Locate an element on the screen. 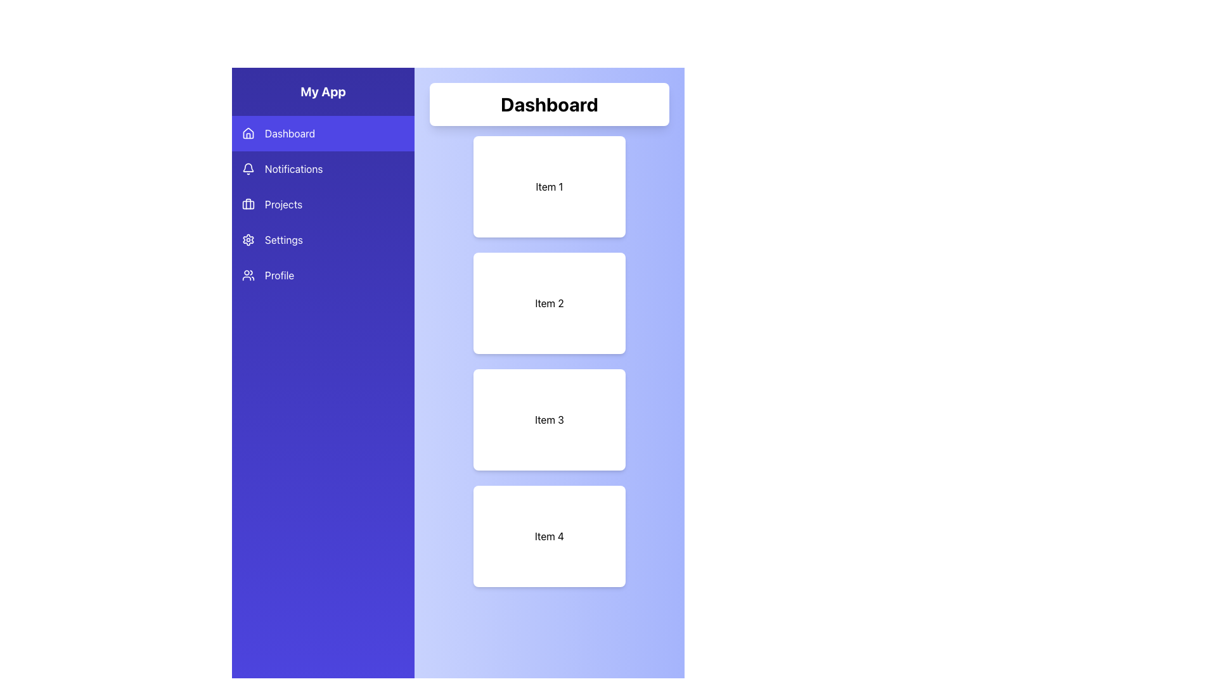 The width and height of the screenshot is (1217, 684). the small gear-shaped icon for settings, which is colored white on a blue background, located at the beginning of the 'Settings' menu item in the left sidebar is located at coordinates (248, 239).